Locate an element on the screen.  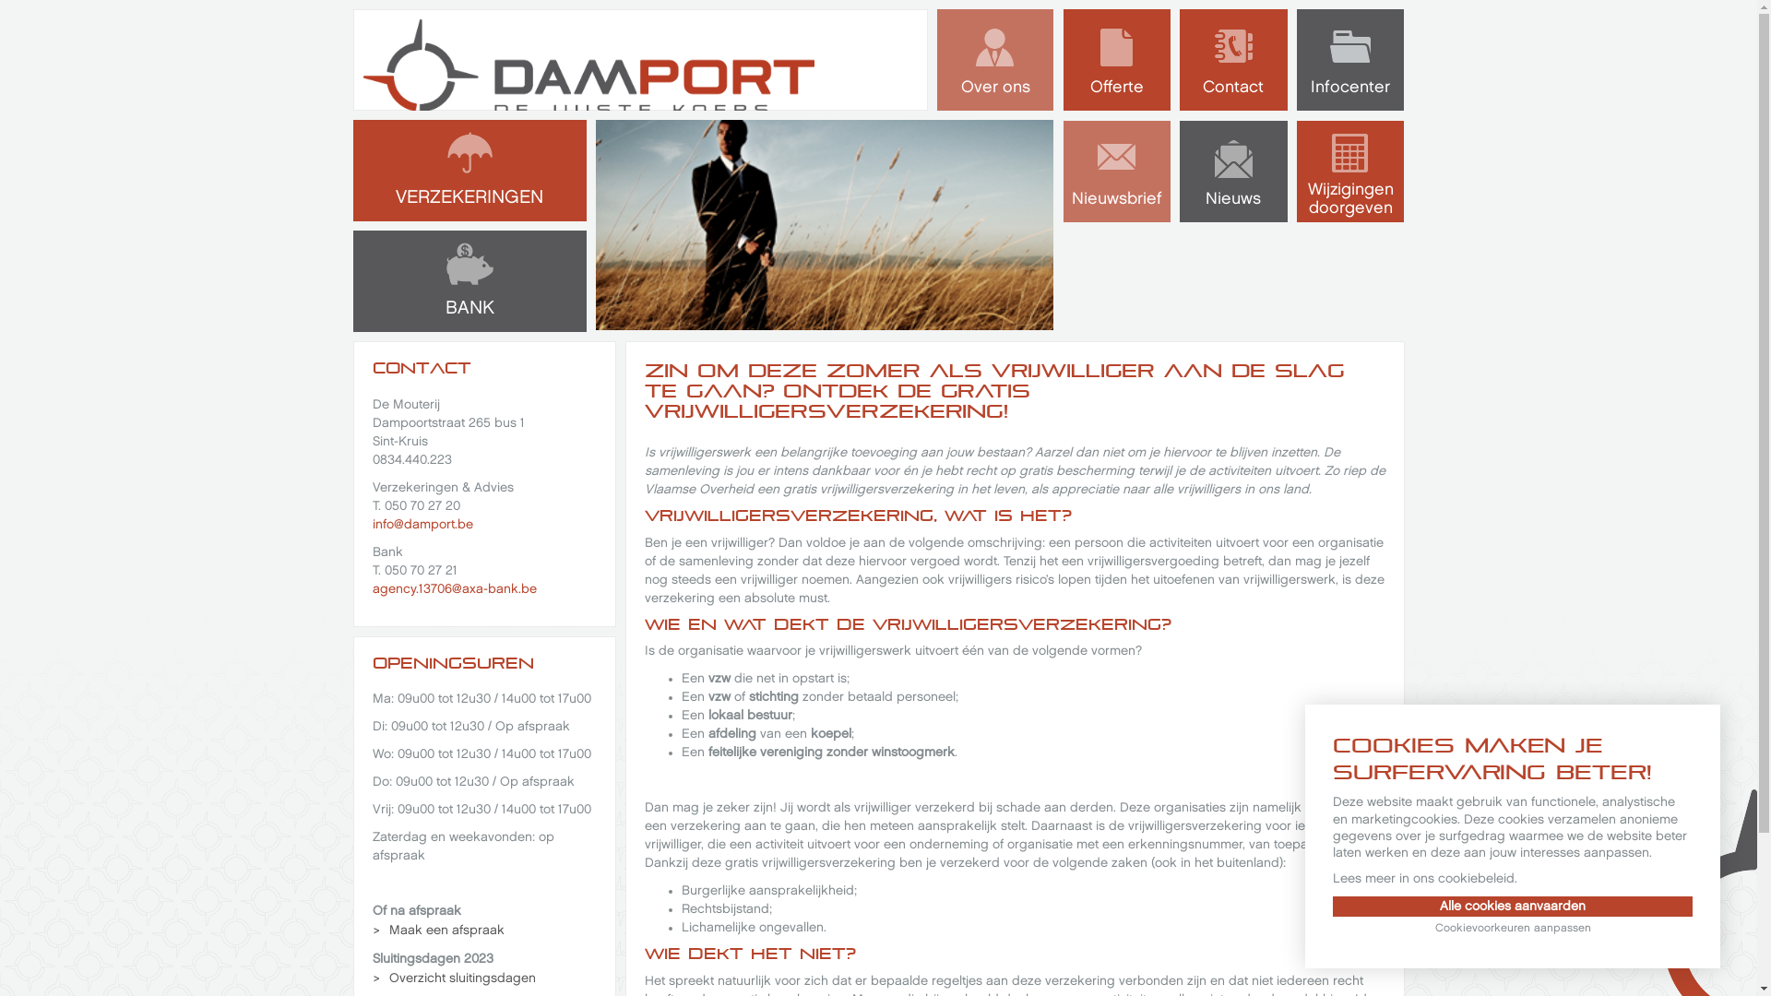
'Contact' is located at coordinates (1233, 59).